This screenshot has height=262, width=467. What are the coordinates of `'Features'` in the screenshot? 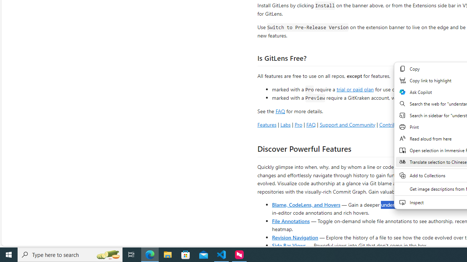 It's located at (266, 124).